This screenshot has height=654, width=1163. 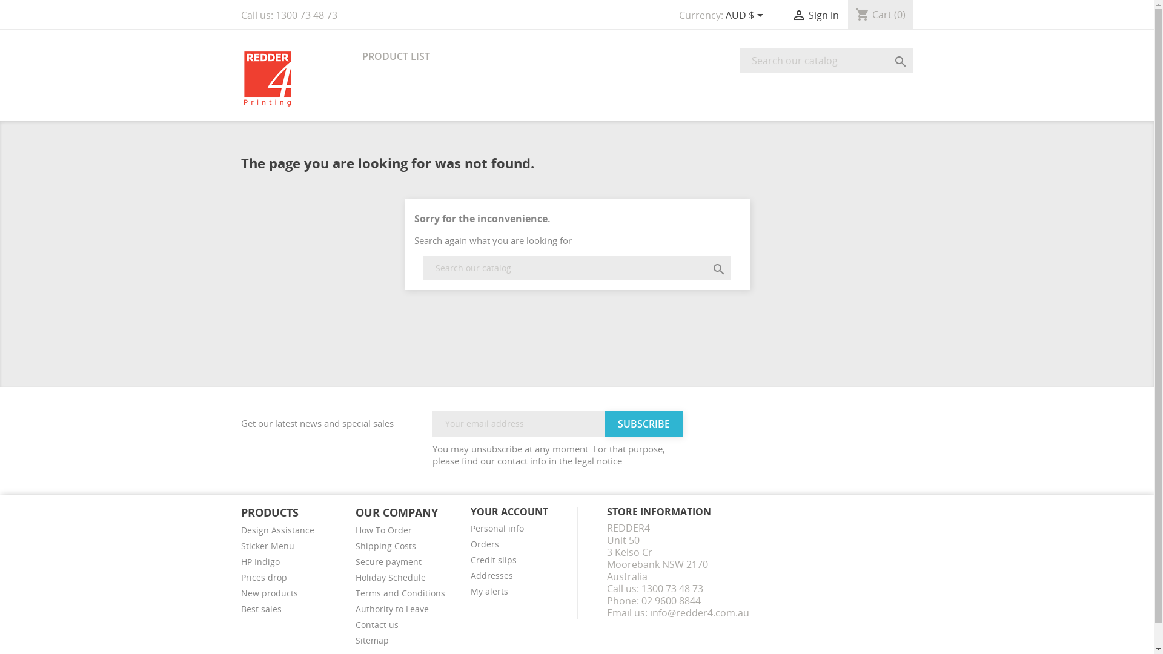 I want to click on 'HP Indigo', so click(x=260, y=561).